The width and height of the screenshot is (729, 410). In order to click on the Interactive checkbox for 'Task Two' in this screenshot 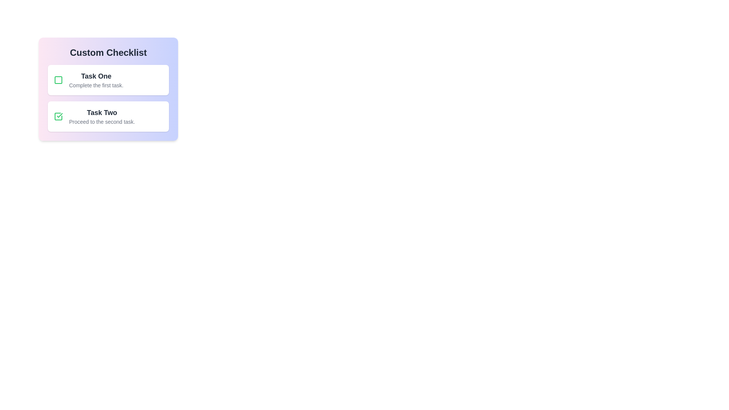, I will do `click(58, 117)`.